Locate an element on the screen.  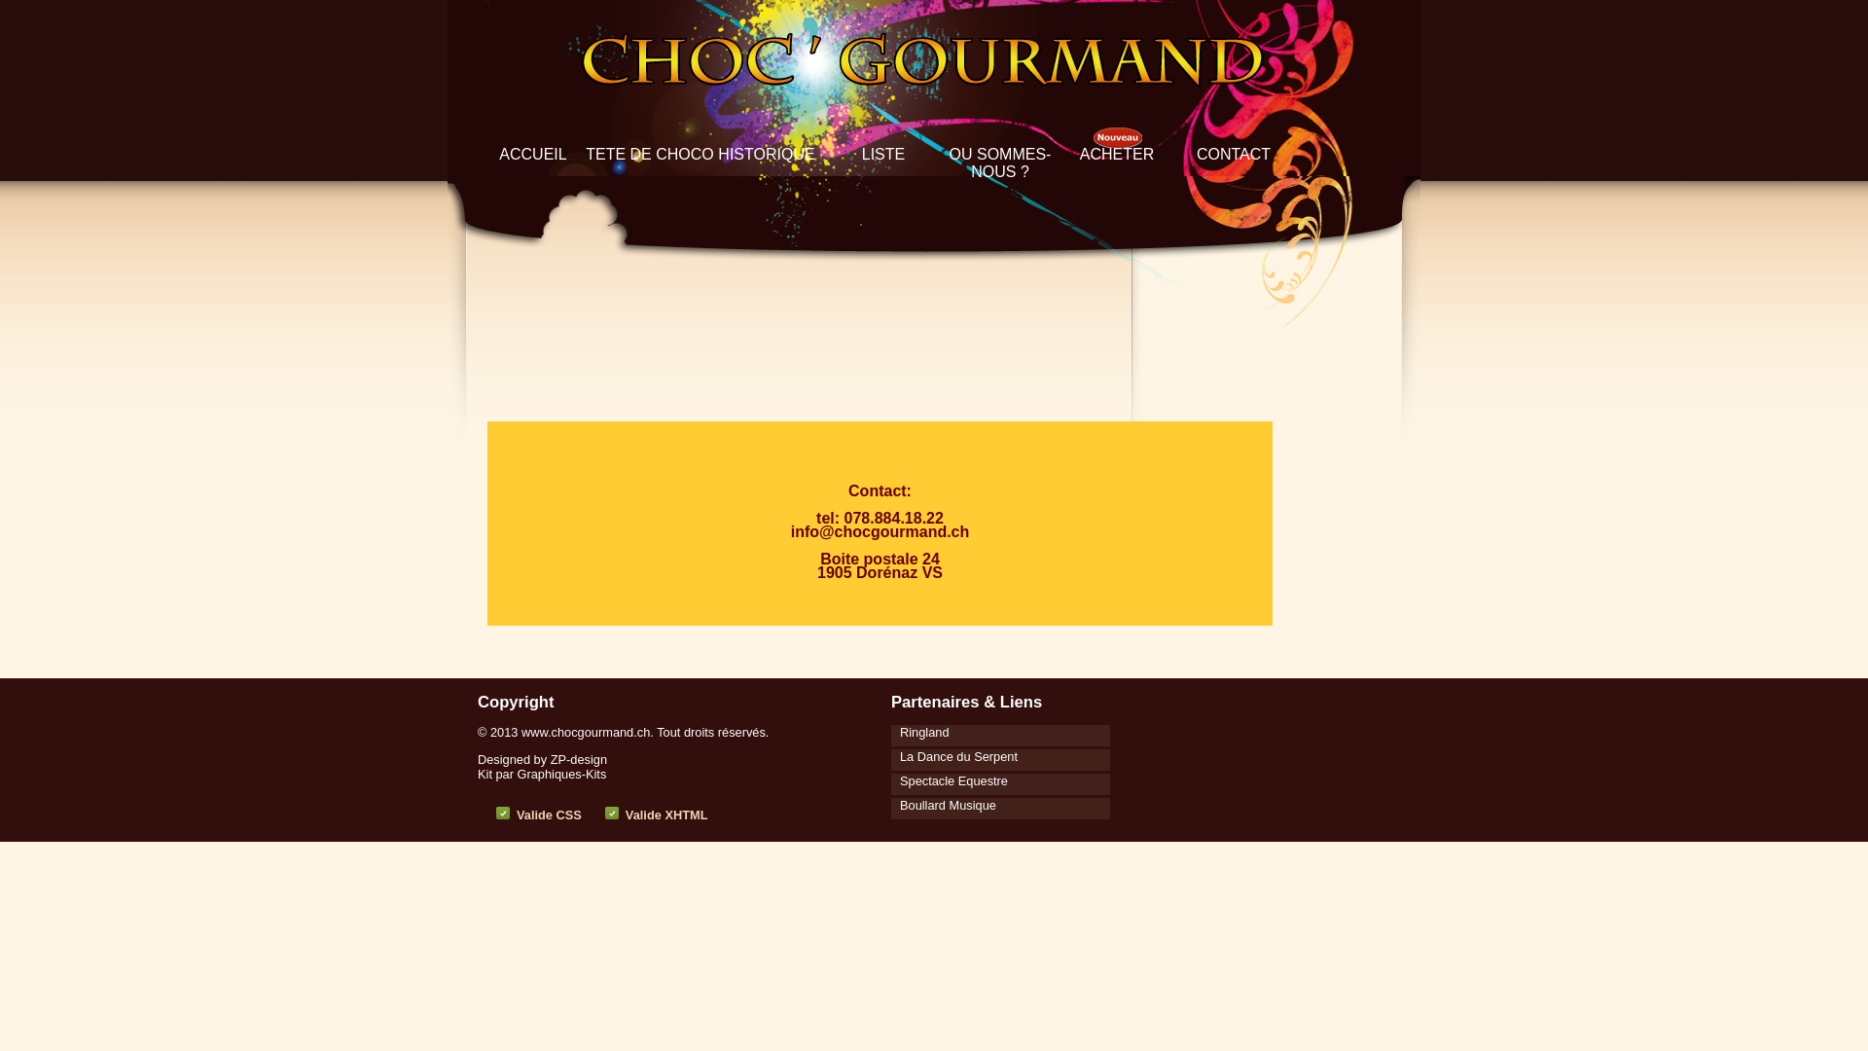
'LISTE' is located at coordinates (881, 153).